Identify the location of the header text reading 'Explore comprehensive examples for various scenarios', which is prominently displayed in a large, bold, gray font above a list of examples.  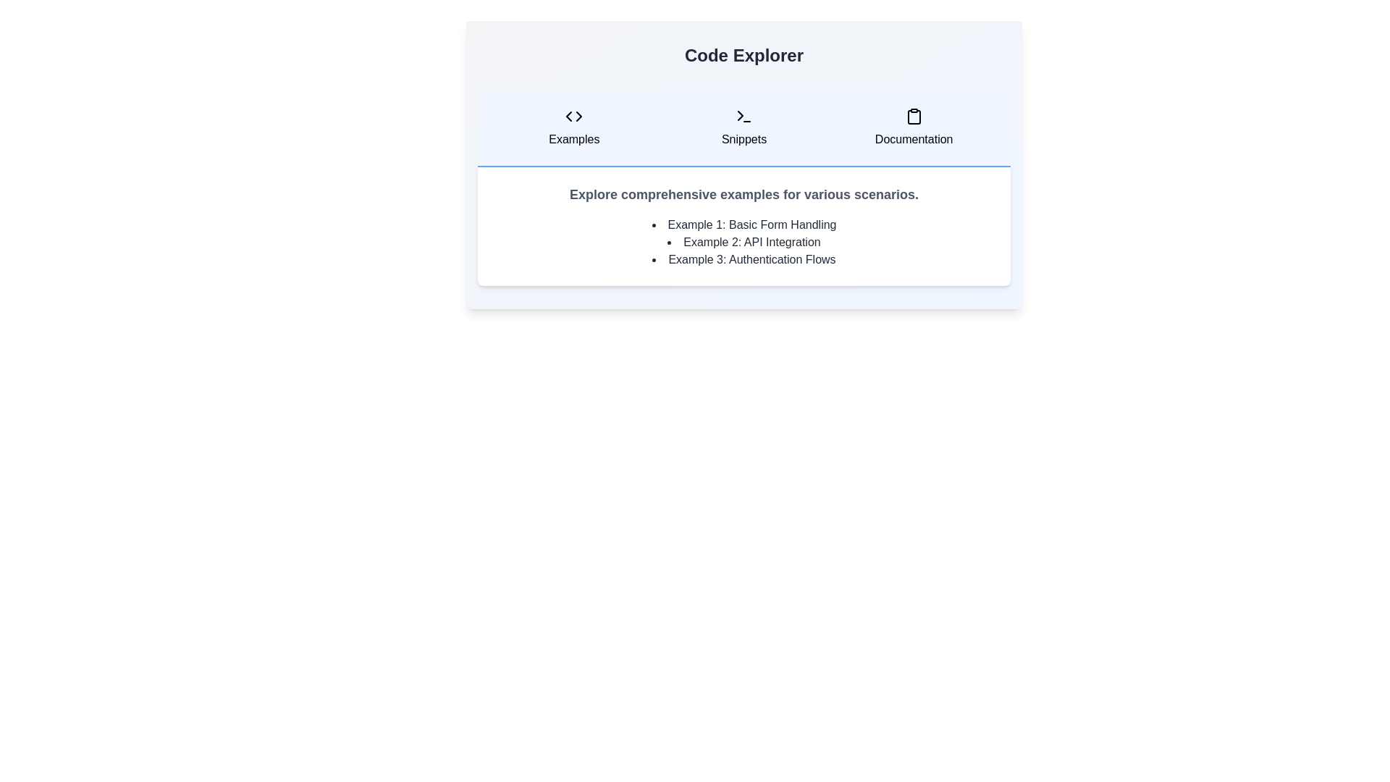
(744, 194).